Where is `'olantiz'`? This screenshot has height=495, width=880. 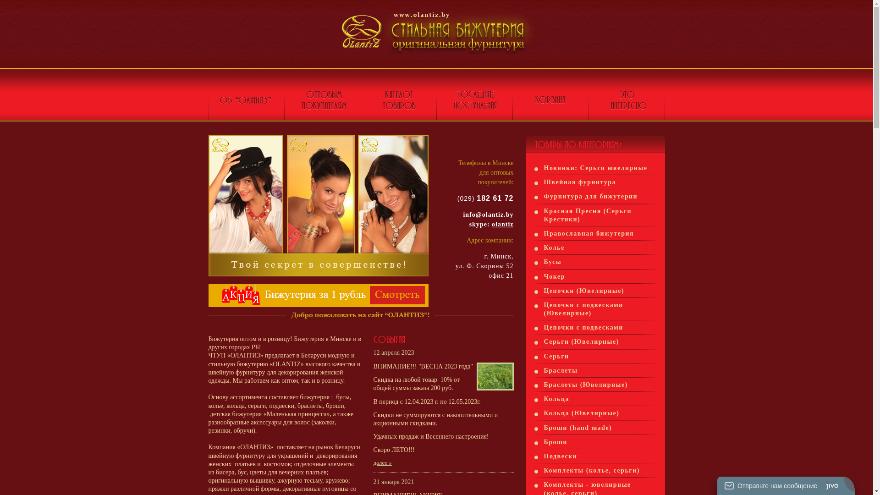 'olantiz' is located at coordinates (502, 224).